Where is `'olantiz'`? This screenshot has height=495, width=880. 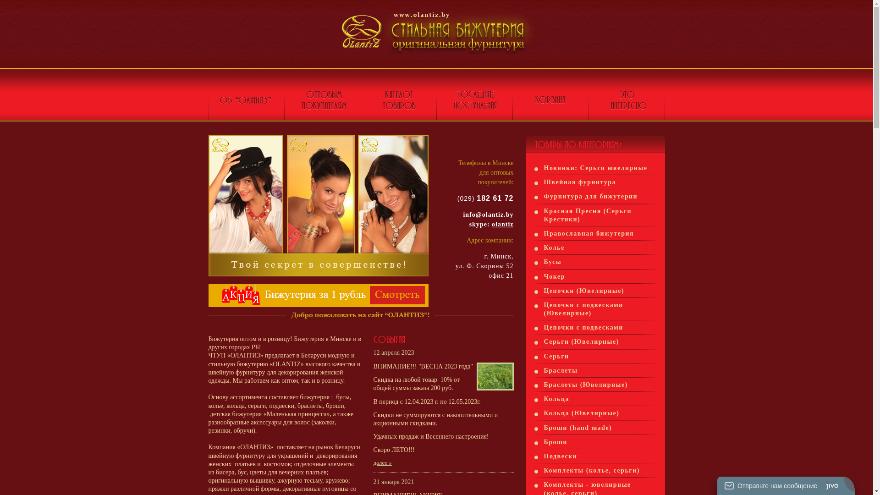 'olantiz' is located at coordinates (502, 224).